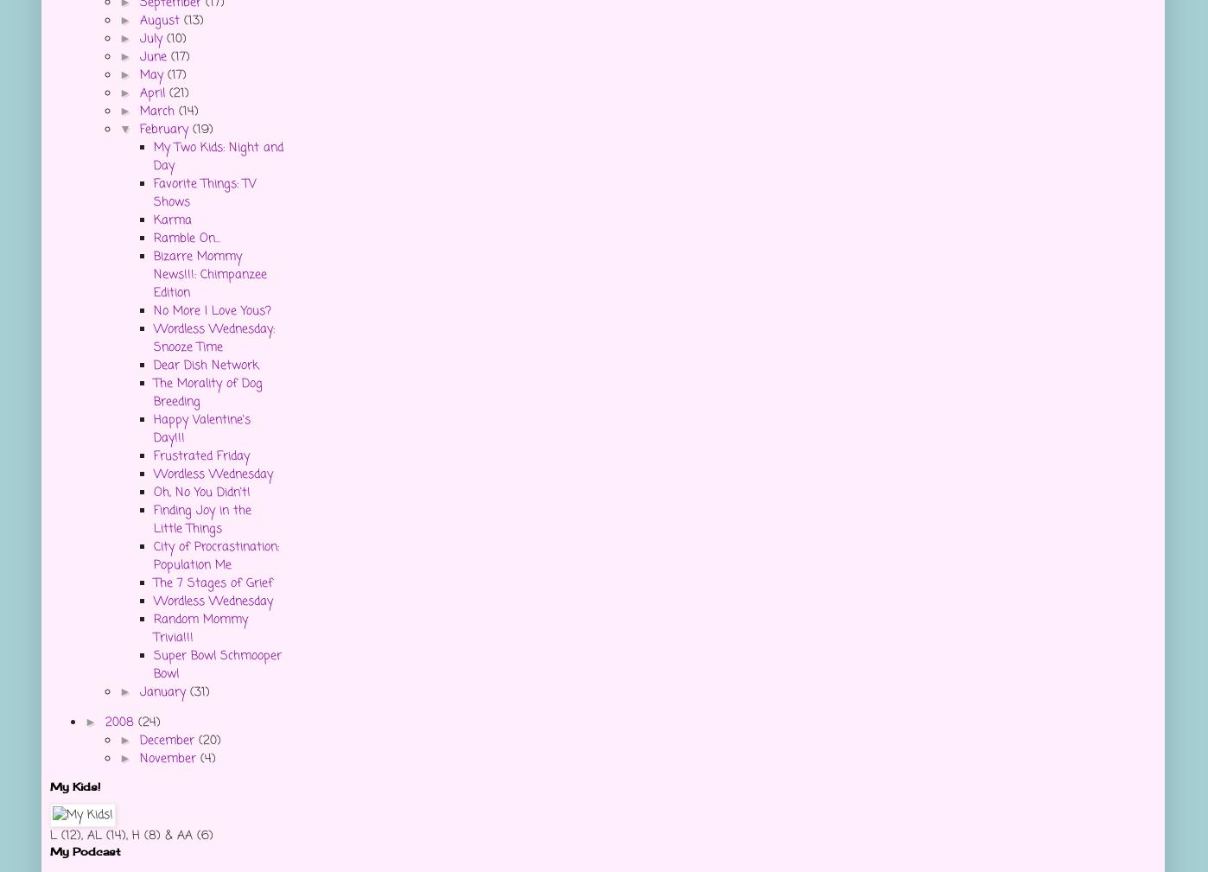 The width and height of the screenshot is (1208, 872). What do you see at coordinates (200, 628) in the screenshot?
I see `'Random Mommy Trivia!!!'` at bounding box center [200, 628].